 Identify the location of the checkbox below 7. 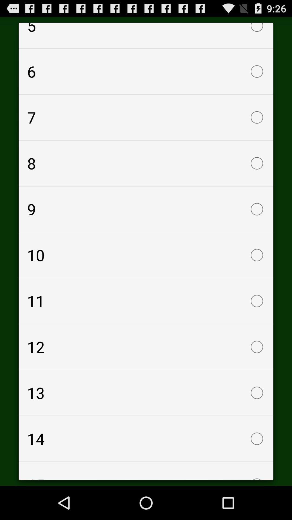
(146, 163).